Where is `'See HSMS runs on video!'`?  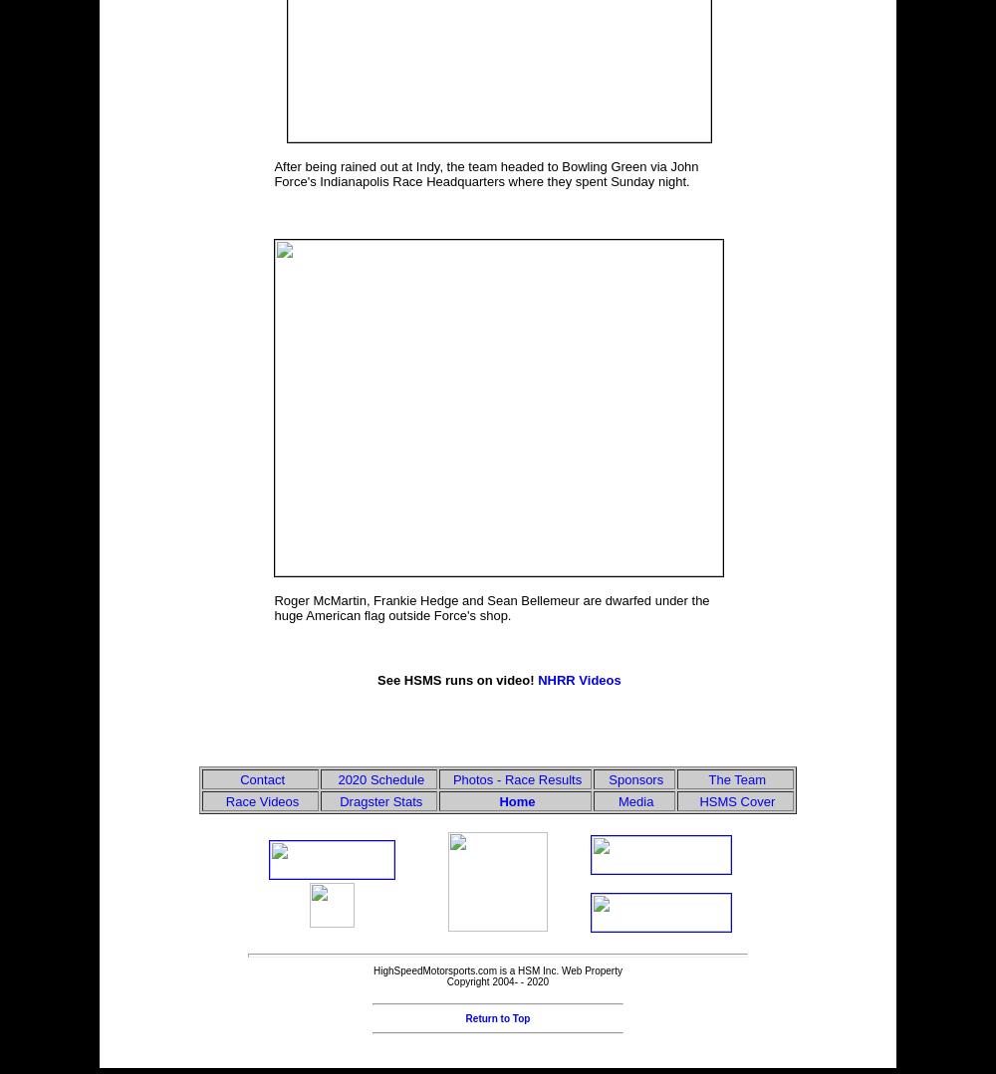
'See HSMS runs on video!' is located at coordinates (456, 680).